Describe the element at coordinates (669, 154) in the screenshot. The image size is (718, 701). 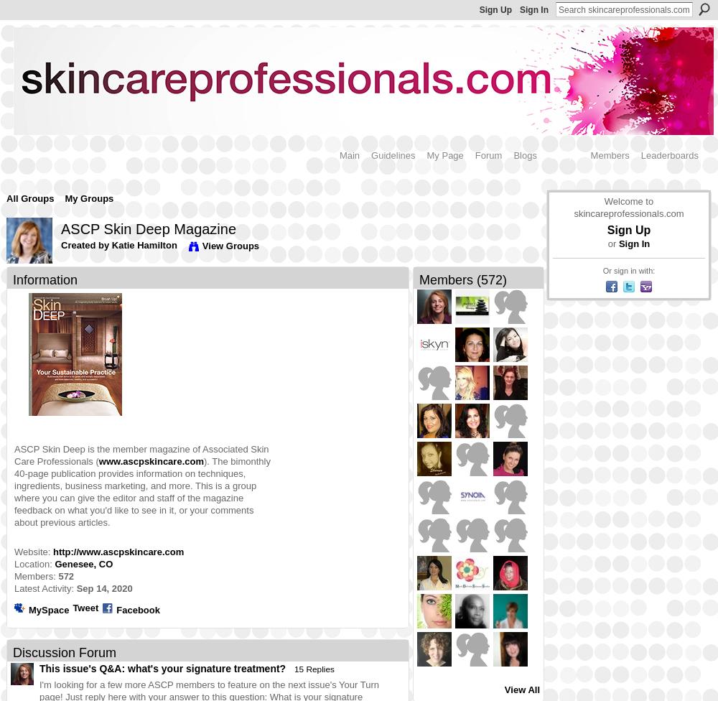
I see `'Leaderboards'` at that location.